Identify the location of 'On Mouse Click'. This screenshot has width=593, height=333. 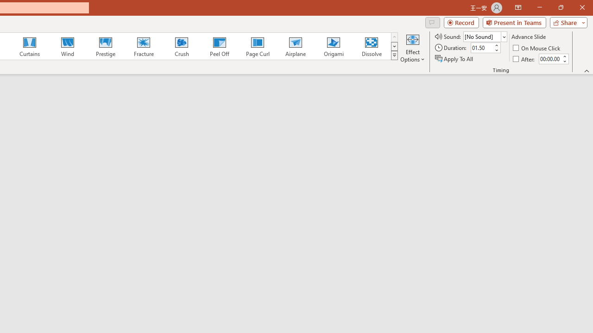
(537, 48).